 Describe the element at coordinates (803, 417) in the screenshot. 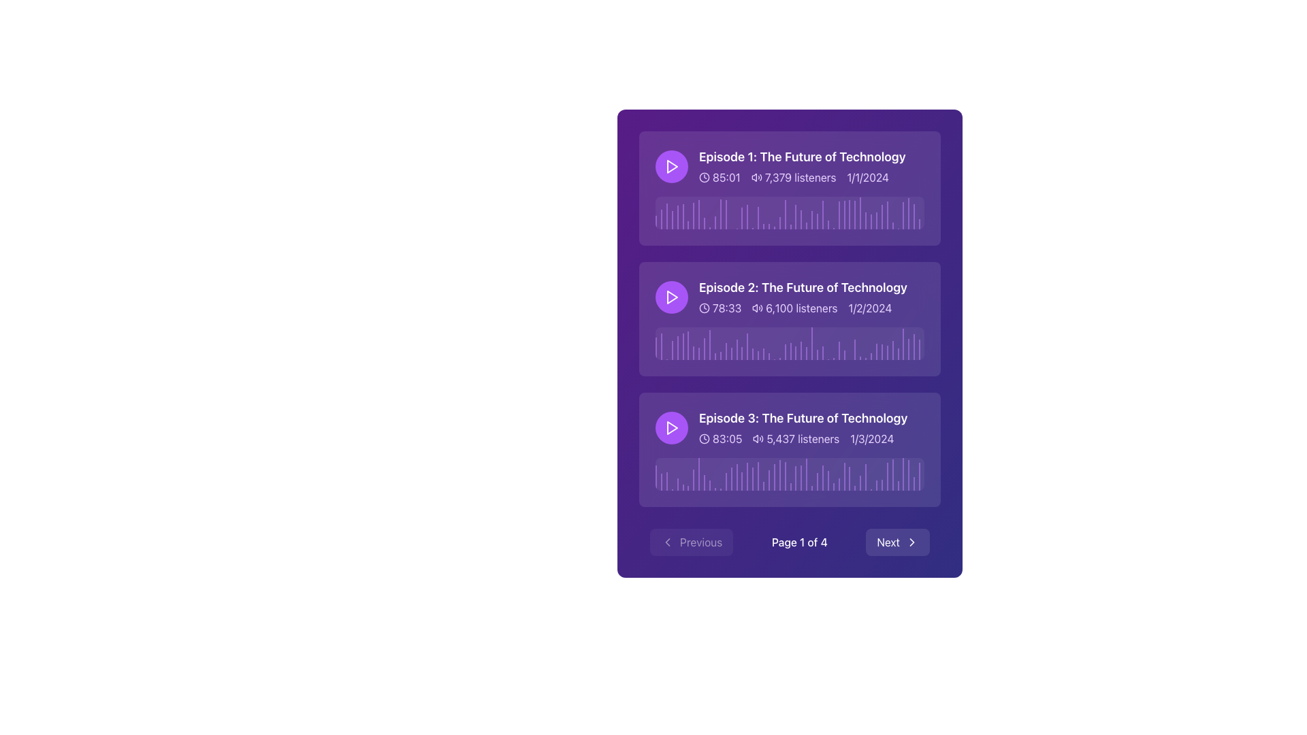

I see `the text label that serves as the title for the third episode item in the list, which is styled as a prominent title` at that location.